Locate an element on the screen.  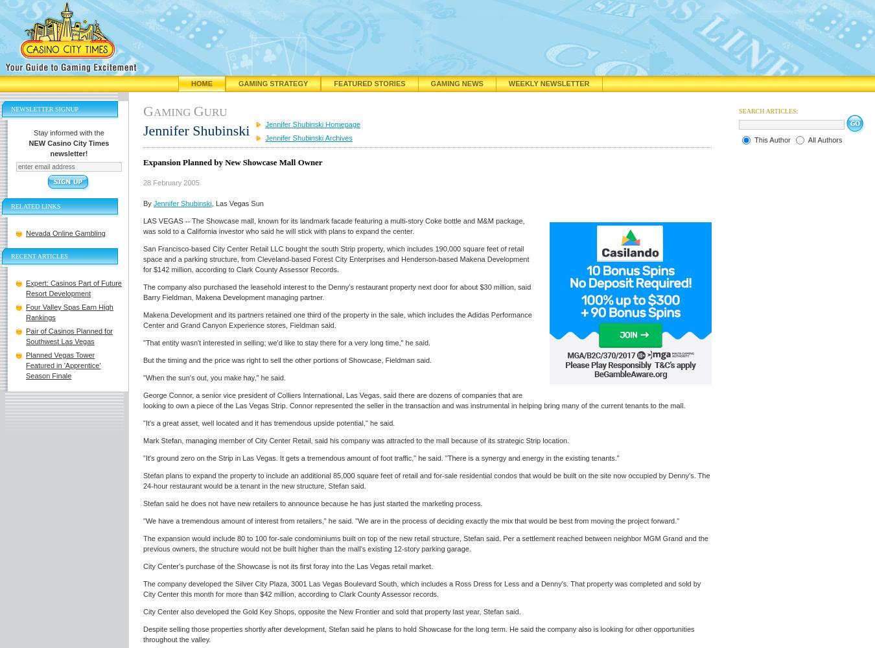
'"That entity wasn't interested in selling; we'd like to stay there for a very long time," he said.' is located at coordinates (286, 342).